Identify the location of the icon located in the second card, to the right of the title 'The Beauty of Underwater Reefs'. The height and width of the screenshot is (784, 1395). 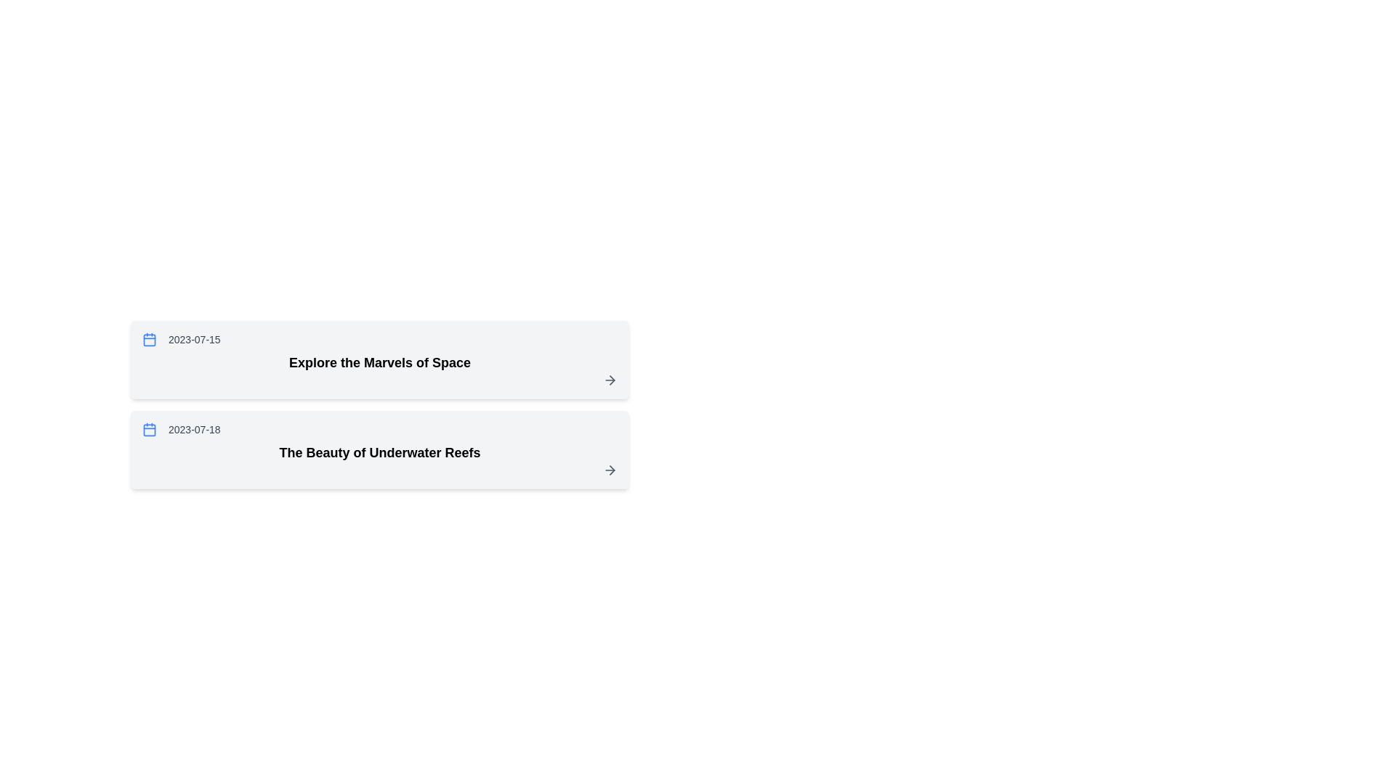
(612, 470).